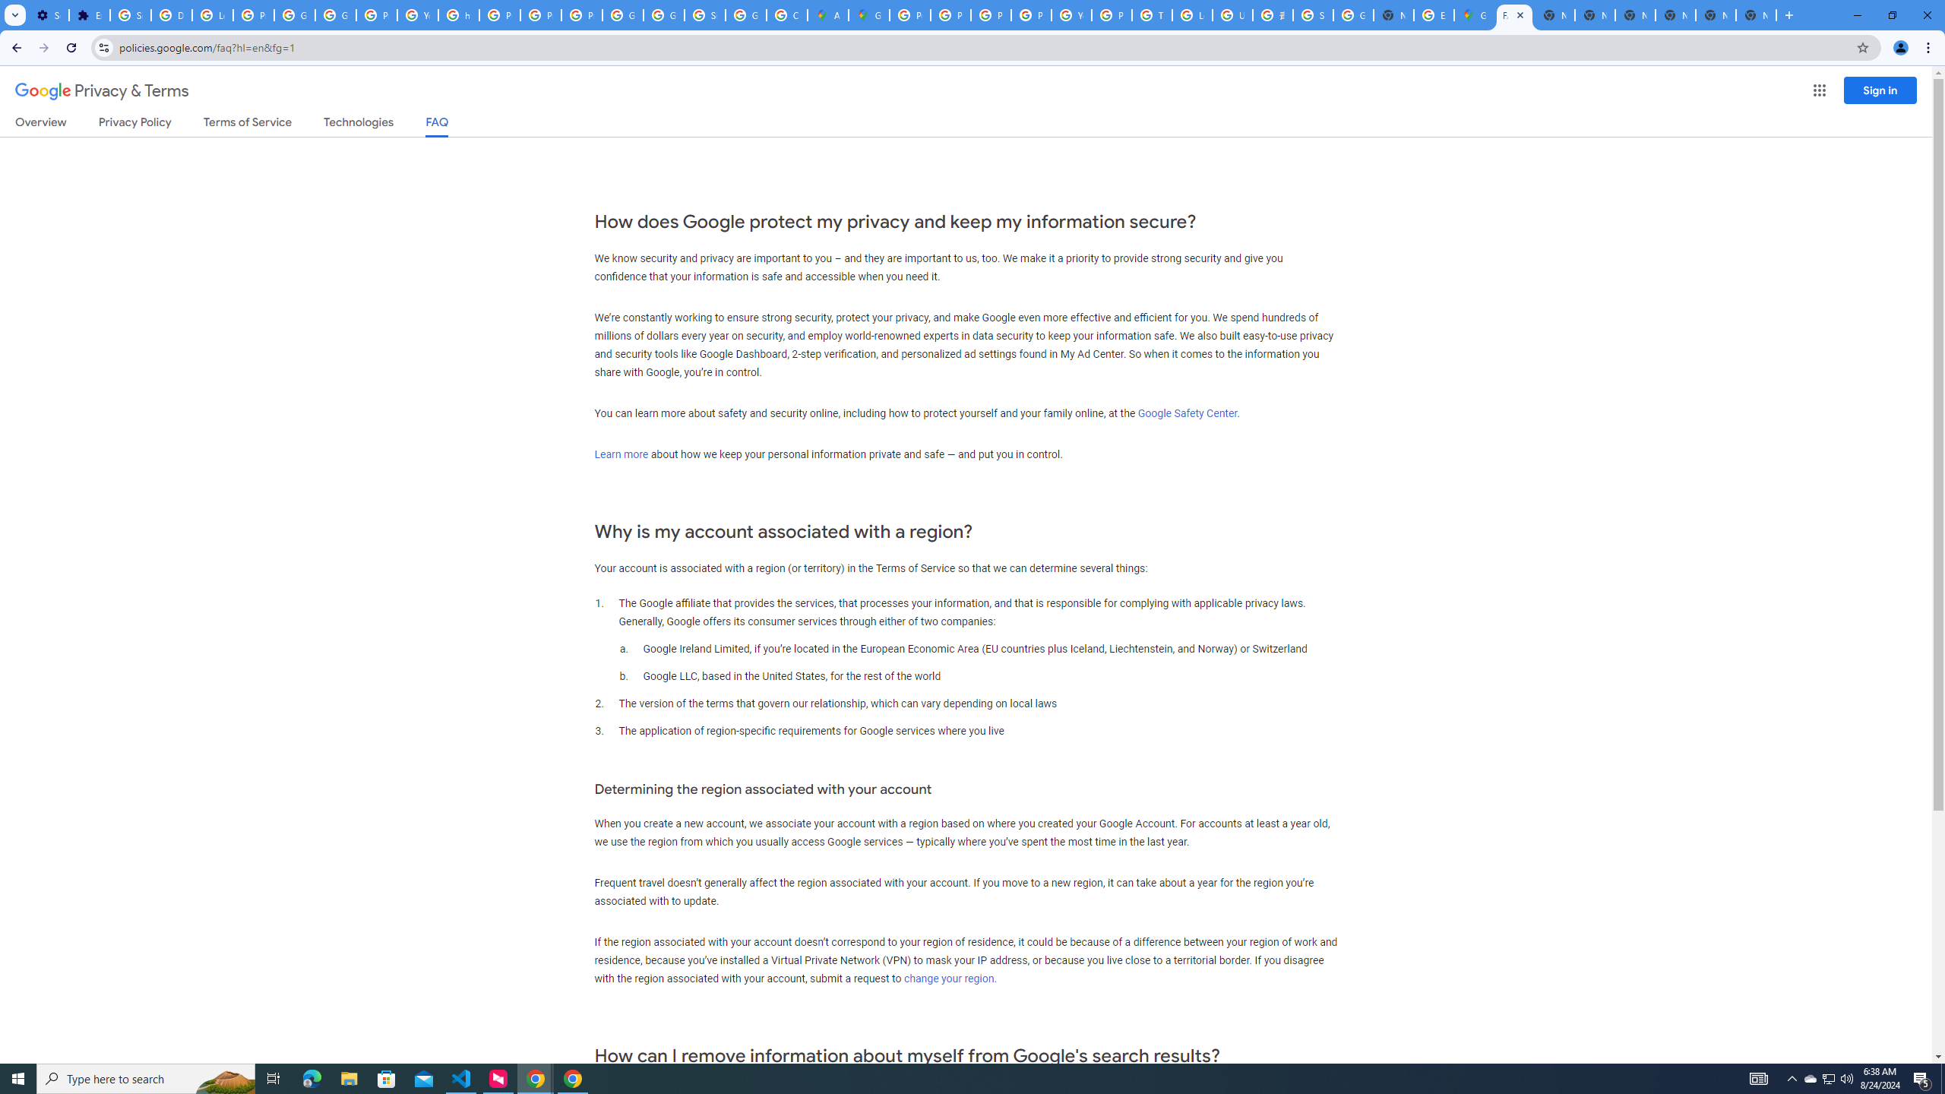 This screenshot has height=1094, width=1945. Describe the element at coordinates (295, 14) in the screenshot. I see `'Google Account Help'` at that location.